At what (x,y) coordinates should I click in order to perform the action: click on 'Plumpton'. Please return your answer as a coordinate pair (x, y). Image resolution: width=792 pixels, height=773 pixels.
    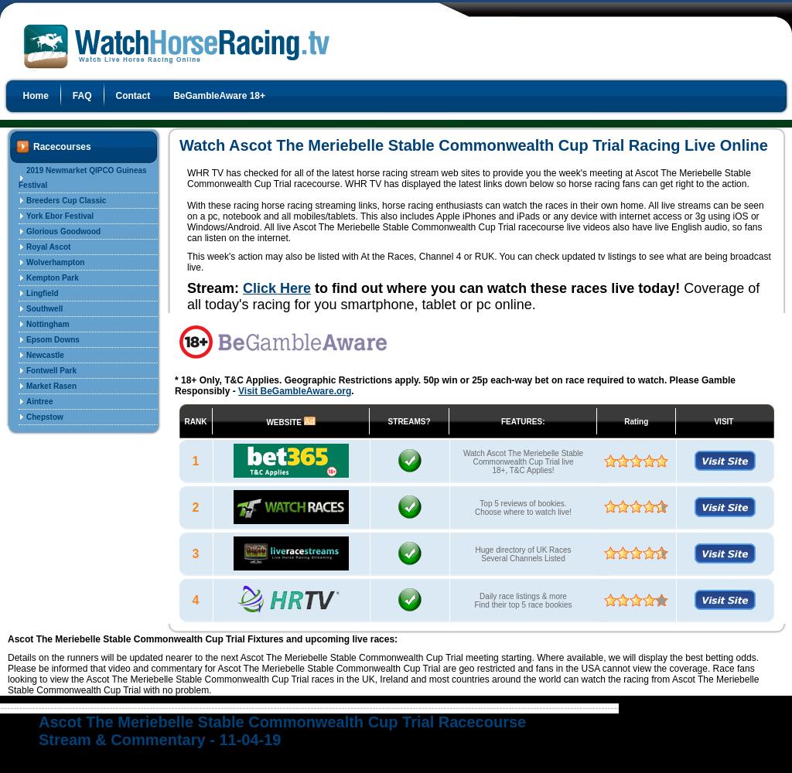
    Looking at the image, I should click on (43, 509).